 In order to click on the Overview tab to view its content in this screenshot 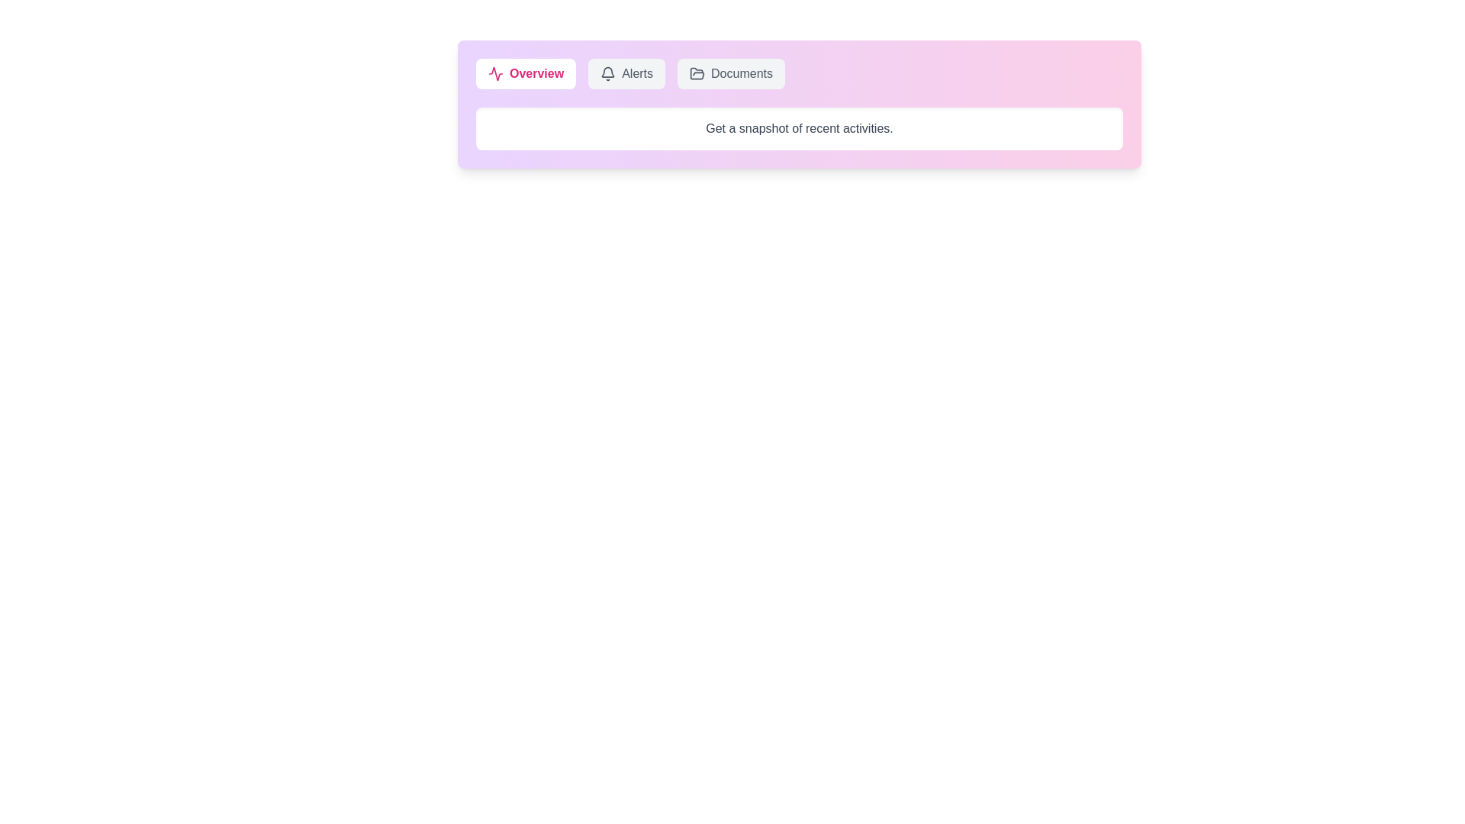, I will do `click(526, 73)`.